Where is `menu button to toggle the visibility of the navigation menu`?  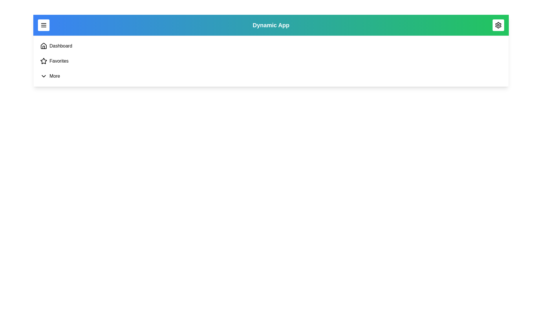 menu button to toggle the visibility of the navigation menu is located at coordinates (43, 25).